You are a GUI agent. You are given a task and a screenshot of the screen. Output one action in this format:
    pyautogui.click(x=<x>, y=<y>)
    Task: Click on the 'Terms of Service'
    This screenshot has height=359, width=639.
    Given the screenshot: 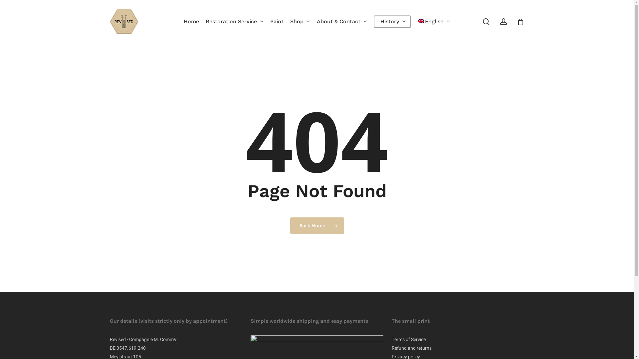 What is the action you would take?
    pyautogui.click(x=408, y=339)
    